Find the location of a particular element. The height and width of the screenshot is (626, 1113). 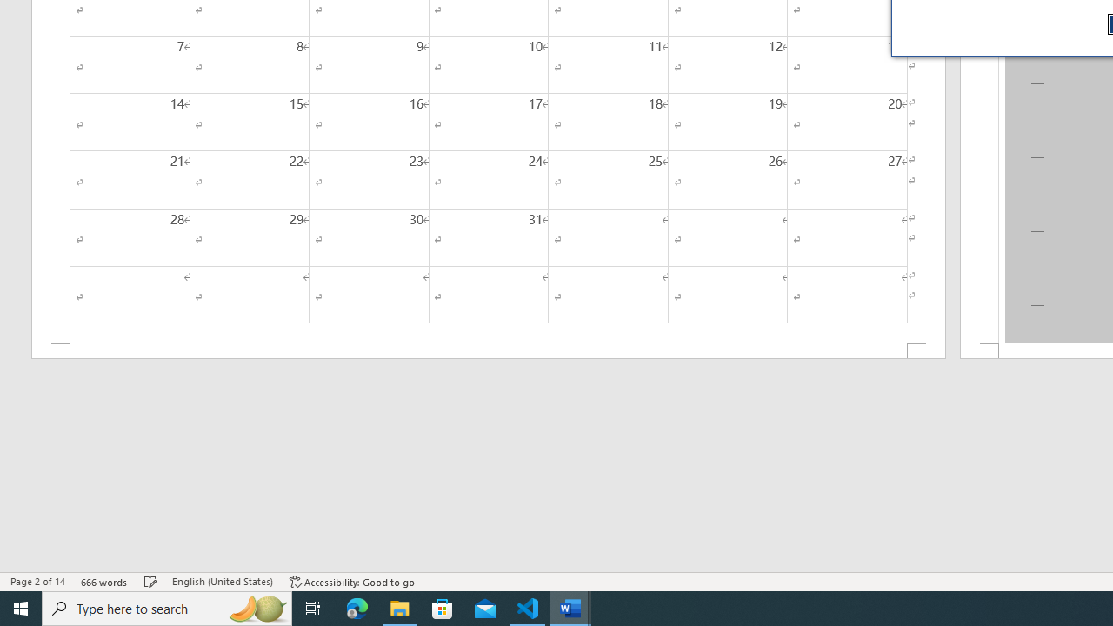

'Visual Studio Code - 1 running window' is located at coordinates (527, 607).